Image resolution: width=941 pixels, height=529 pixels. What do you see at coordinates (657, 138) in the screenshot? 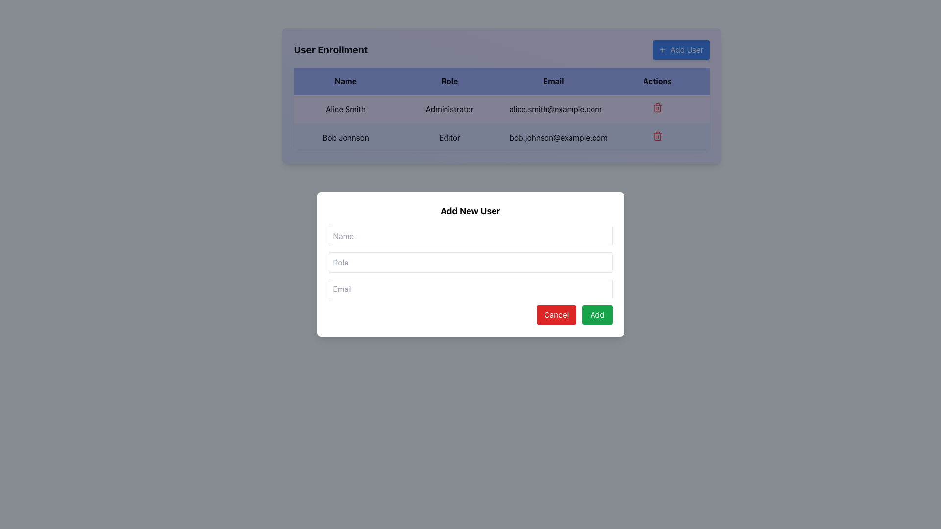
I see `the deletion button (trash can icon) located in the 'Actions' column for user 'Bob Johnson' to initiate a delete action` at bounding box center [657, 138].